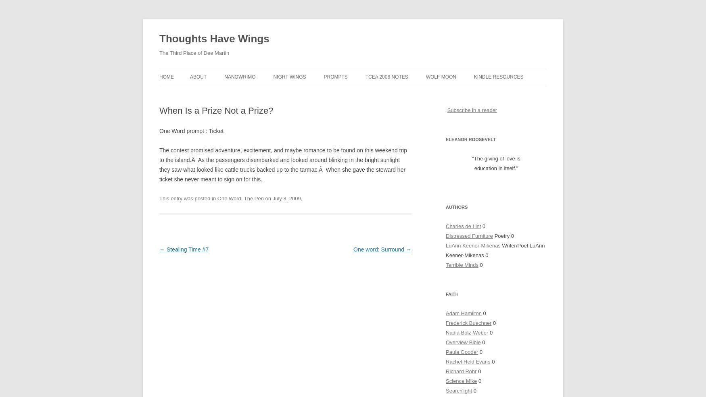 The image size is (706, 397). What do you see at coordinates (462, 351) in the screenshot?
I see `'Paula Gooder'` at bounding box center [462, 351].